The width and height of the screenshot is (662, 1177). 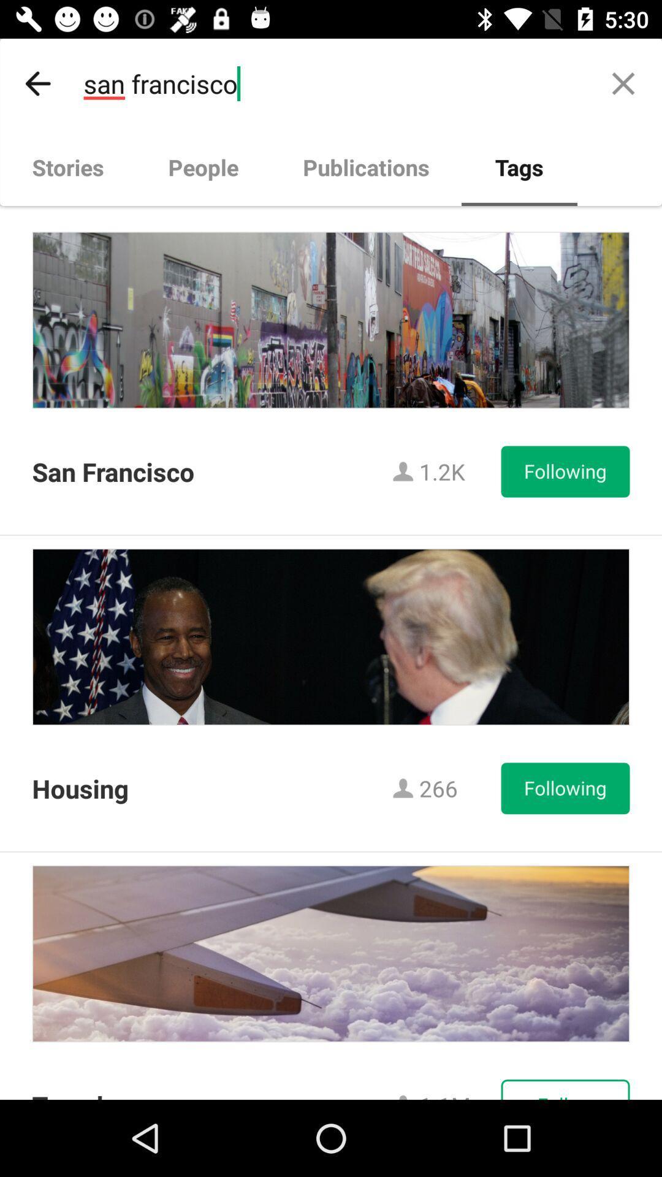 What do you see at coordinates (623, 83) in the screenshot?
I see `the item to the right of san francisco item` at bounding box center [623, 83].